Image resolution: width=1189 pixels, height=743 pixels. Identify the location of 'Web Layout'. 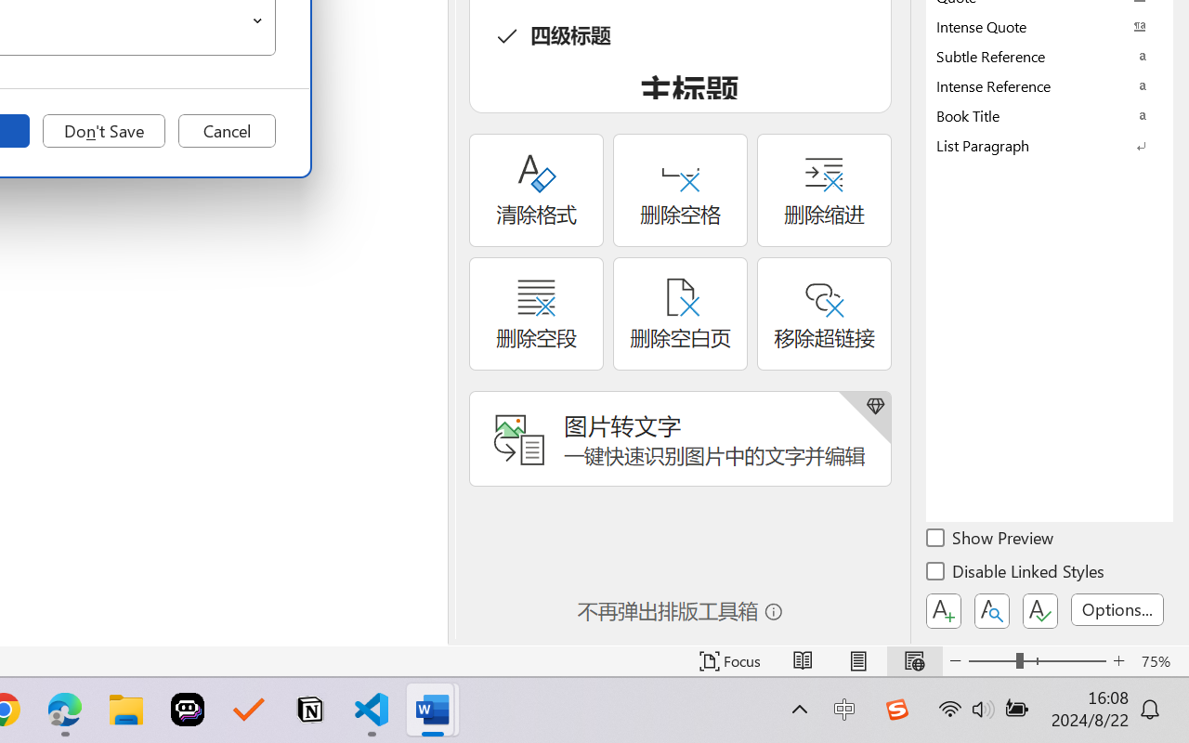
(914, 660).